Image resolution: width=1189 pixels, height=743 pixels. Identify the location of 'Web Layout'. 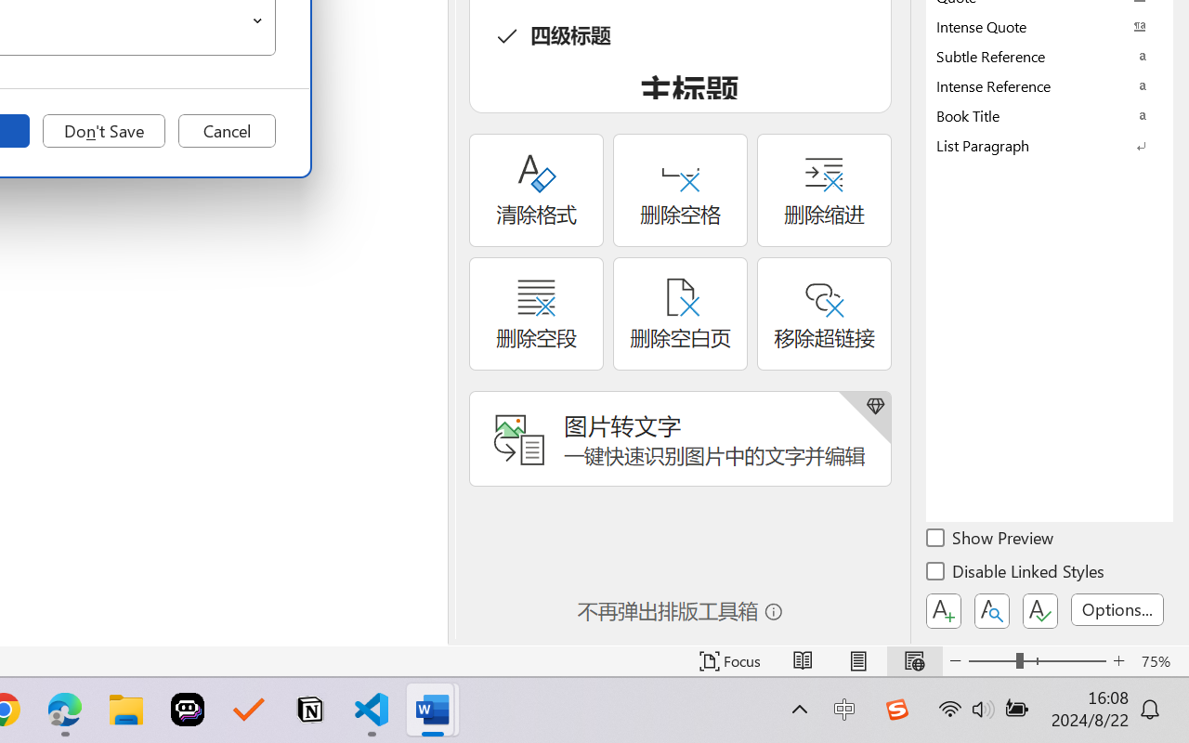
(914, 660).